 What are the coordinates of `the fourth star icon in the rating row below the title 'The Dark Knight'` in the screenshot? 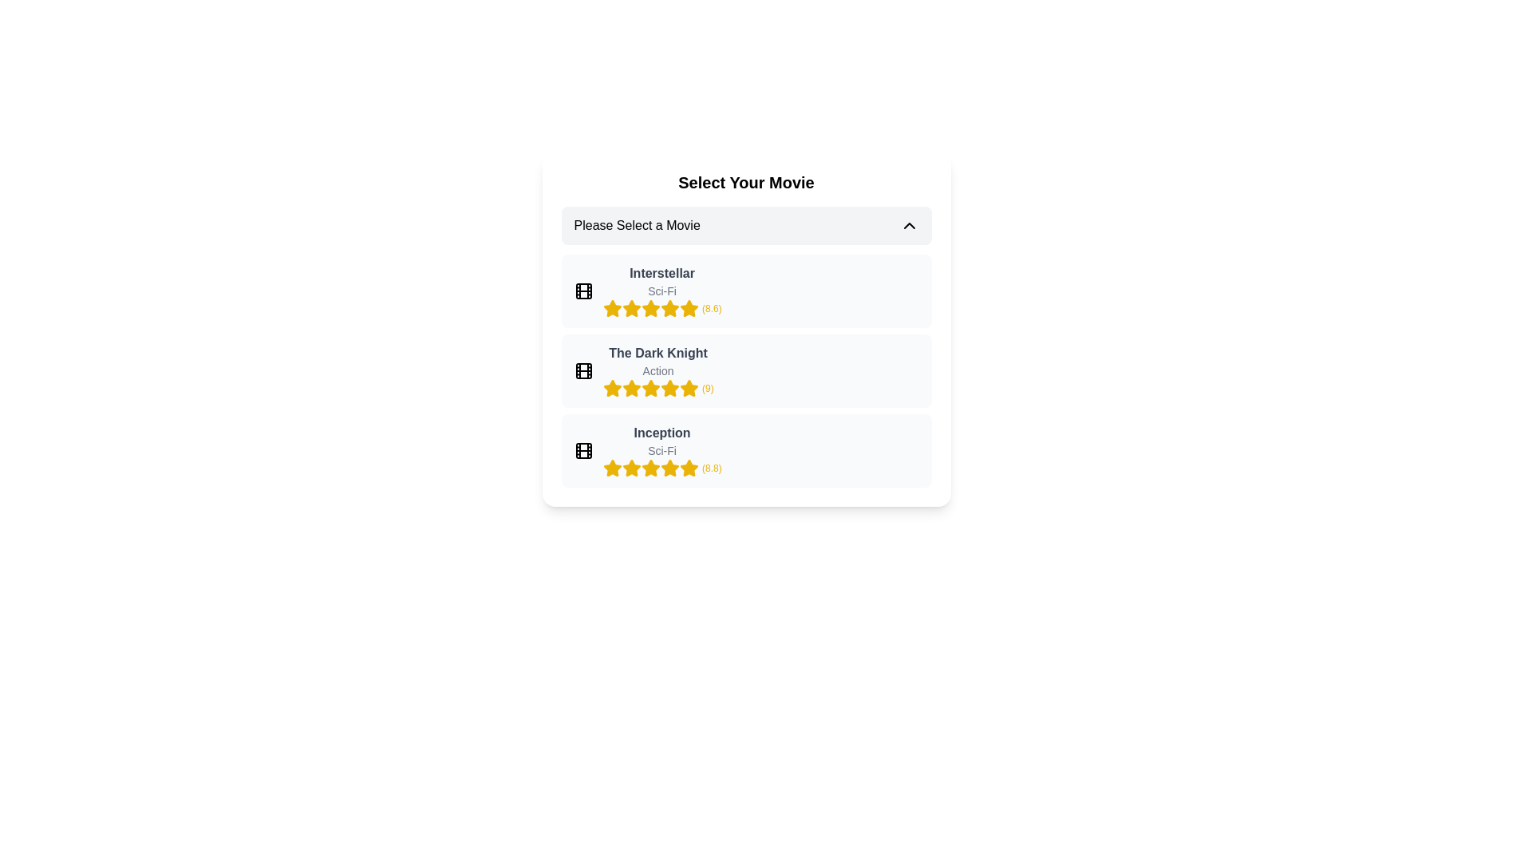 It's located at (650, 388).